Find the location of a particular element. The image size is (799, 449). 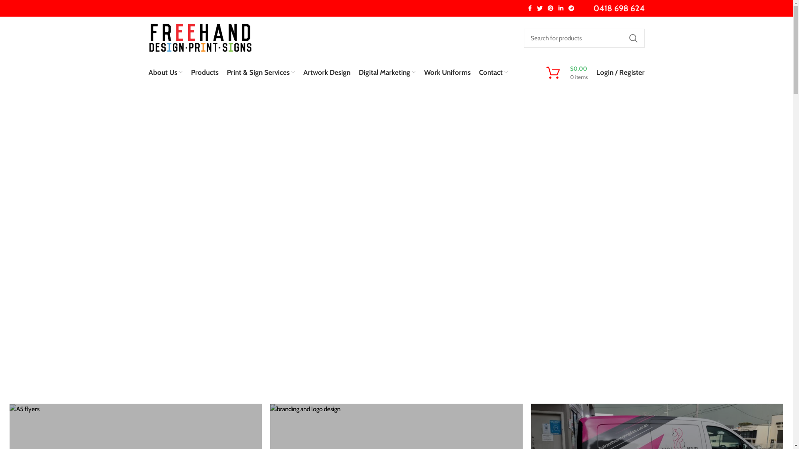

'Work Uniforms' is located at coordinates (447, 72).